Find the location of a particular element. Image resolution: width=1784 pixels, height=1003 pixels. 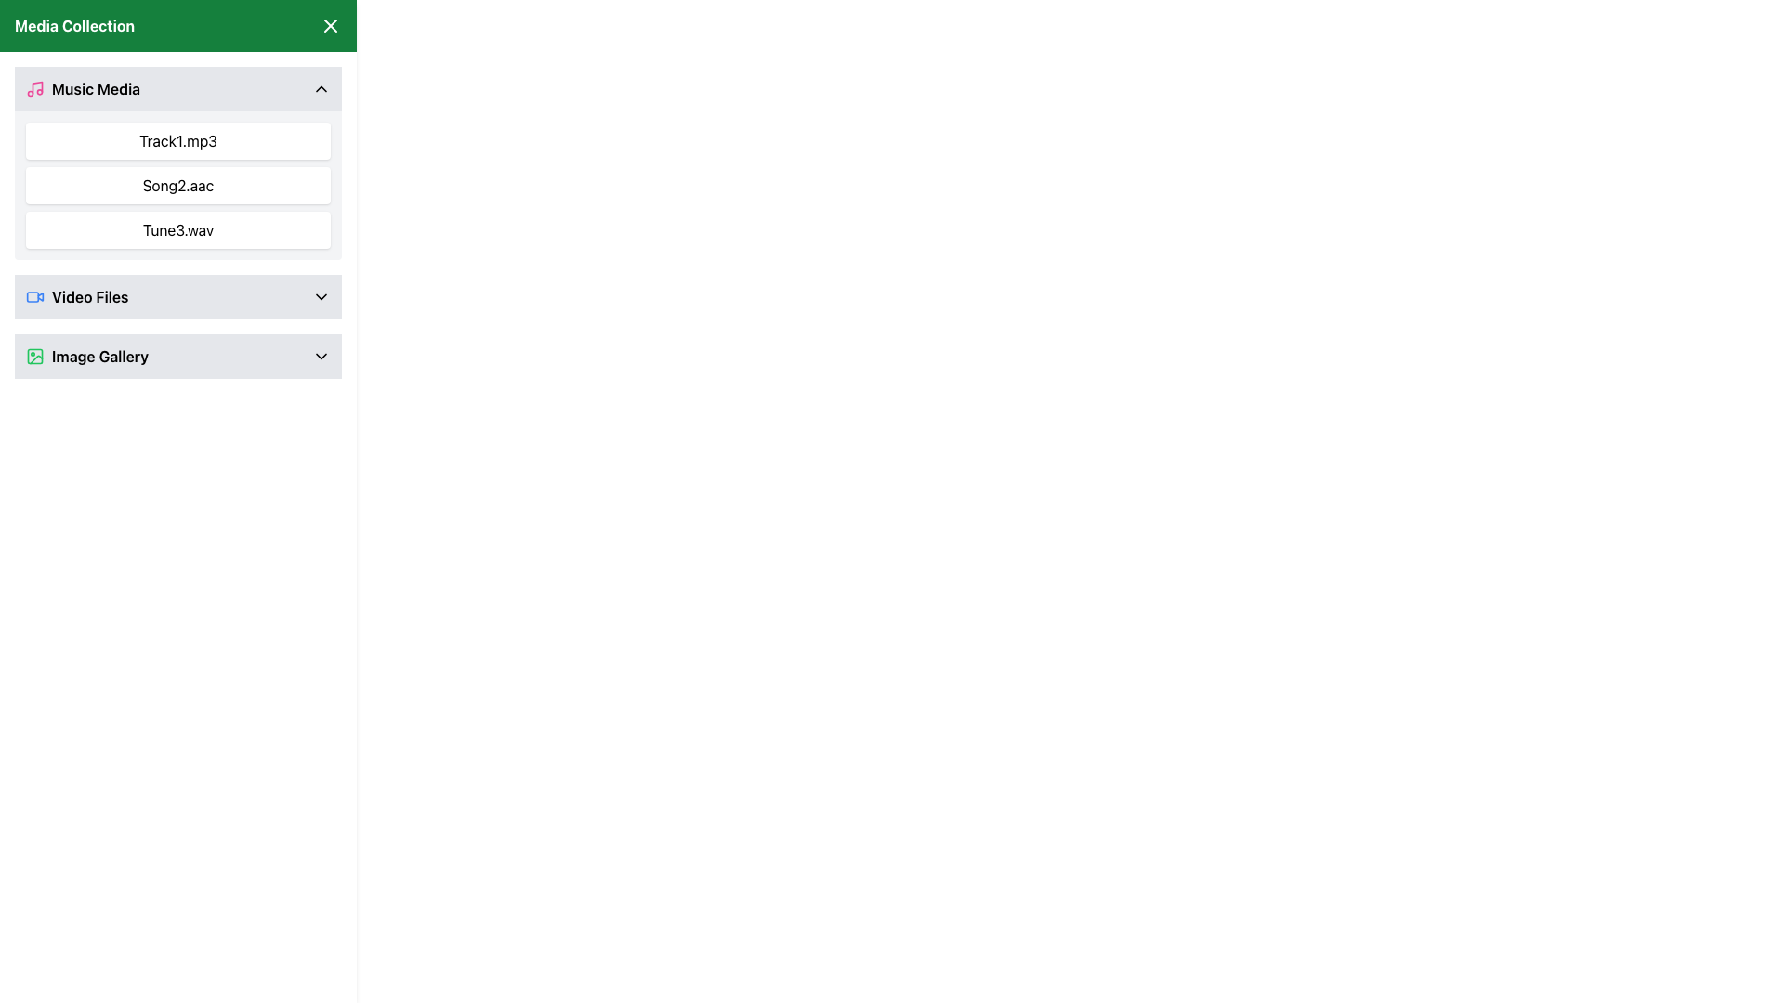

the 'Media Collection' heading element, which serves as a section identifier located at the top-left corner of the interface is located at coordinates (74, 25).